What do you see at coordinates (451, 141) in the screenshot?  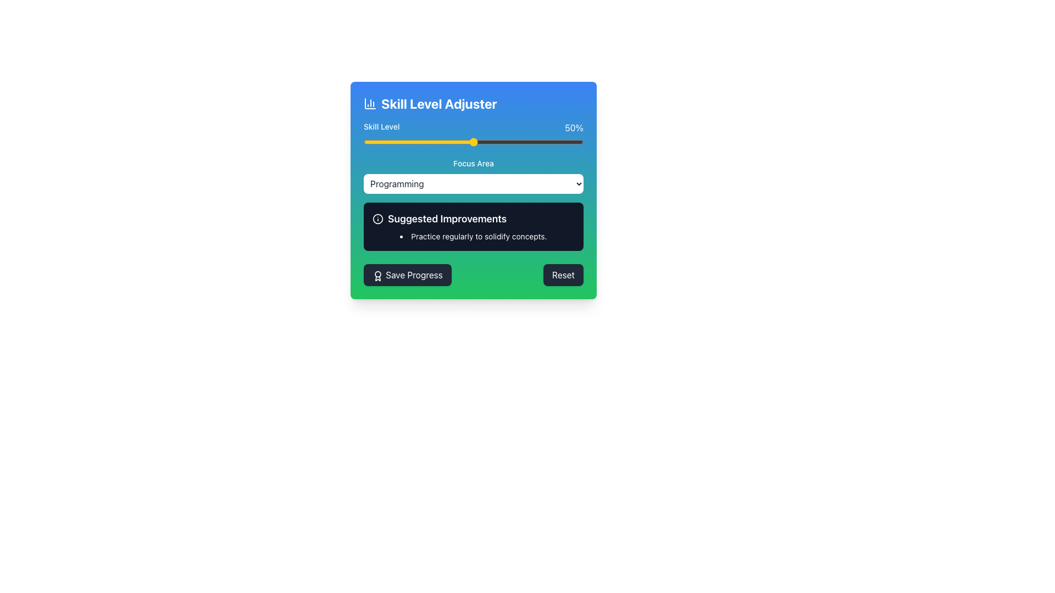 I see `the skill level` at bounding box center [451, 141].